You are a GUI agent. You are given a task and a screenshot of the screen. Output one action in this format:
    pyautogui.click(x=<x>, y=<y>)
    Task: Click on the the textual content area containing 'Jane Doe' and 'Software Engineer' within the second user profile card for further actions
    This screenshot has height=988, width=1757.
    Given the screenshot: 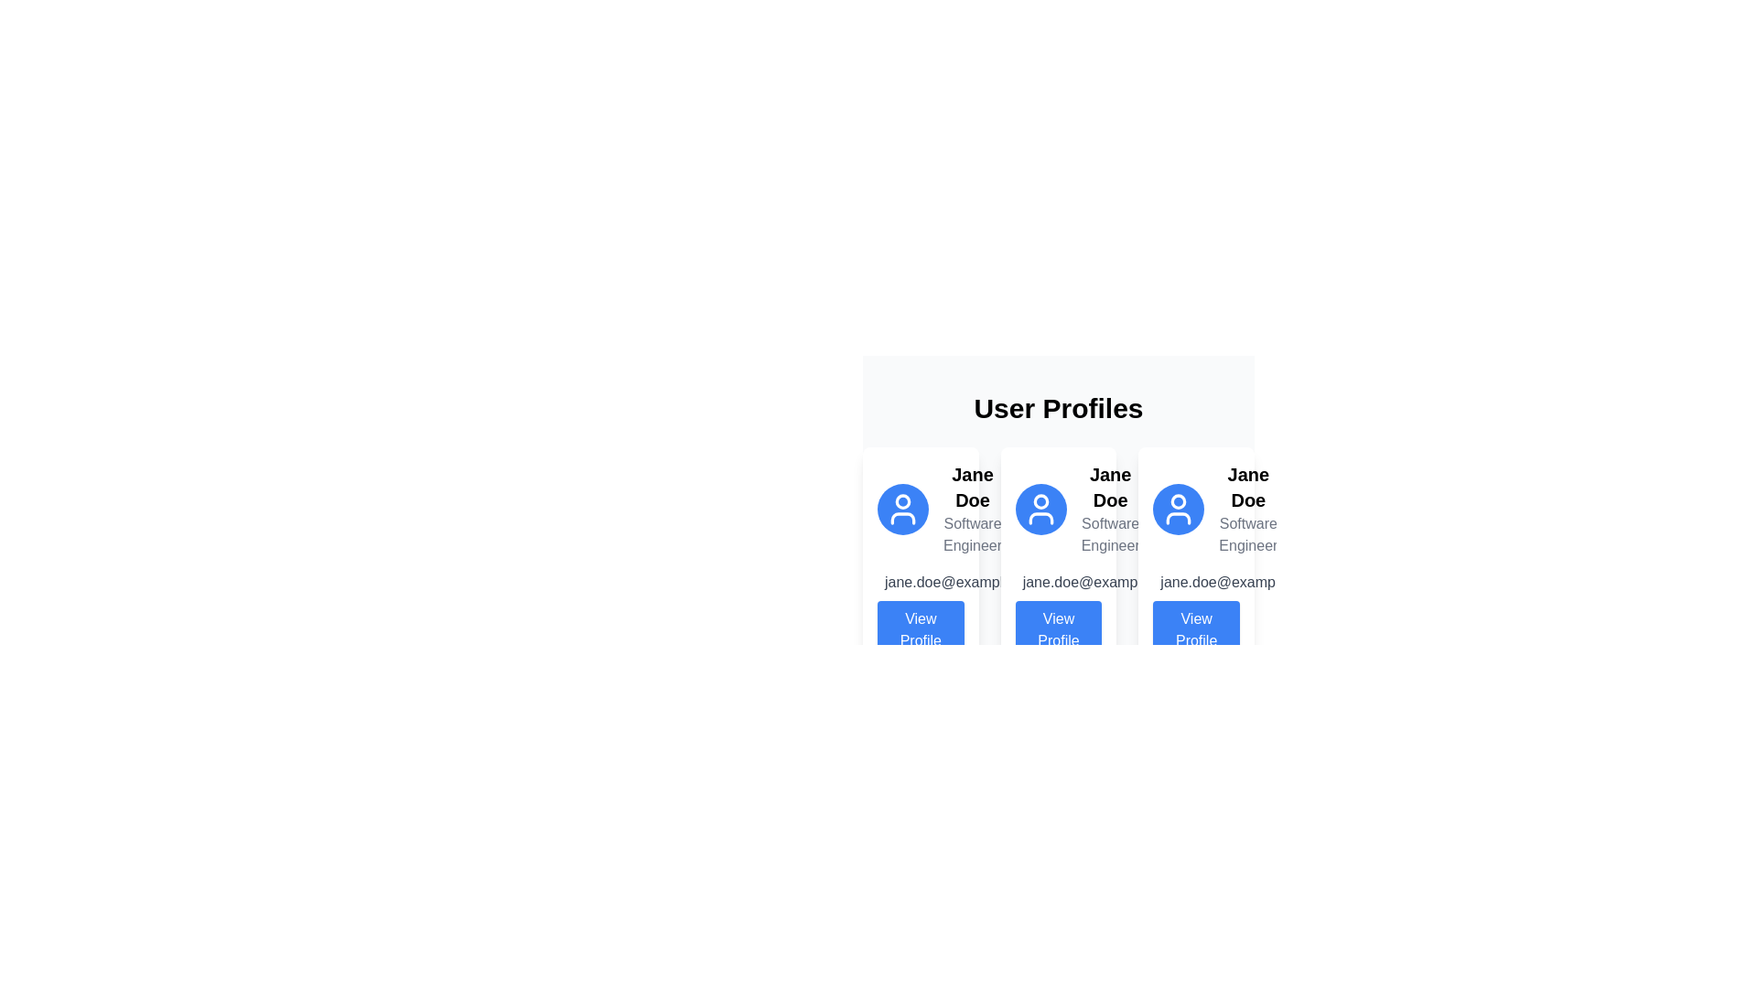 What is the action you would take?
    pyautogui.click(x=1109, y=509)
    